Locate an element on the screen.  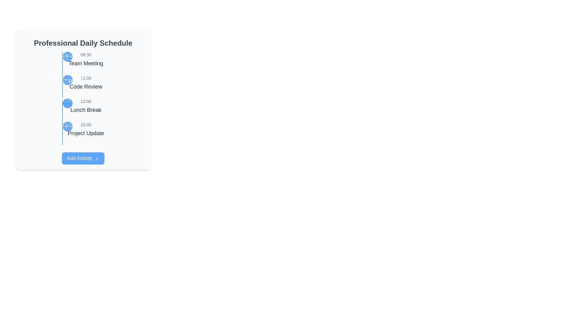
the Text label that describes the scheduled event occurring at '15:00' in the timeline of the 'Professional Daily Schedule' card is located at coordinates (85, 133).